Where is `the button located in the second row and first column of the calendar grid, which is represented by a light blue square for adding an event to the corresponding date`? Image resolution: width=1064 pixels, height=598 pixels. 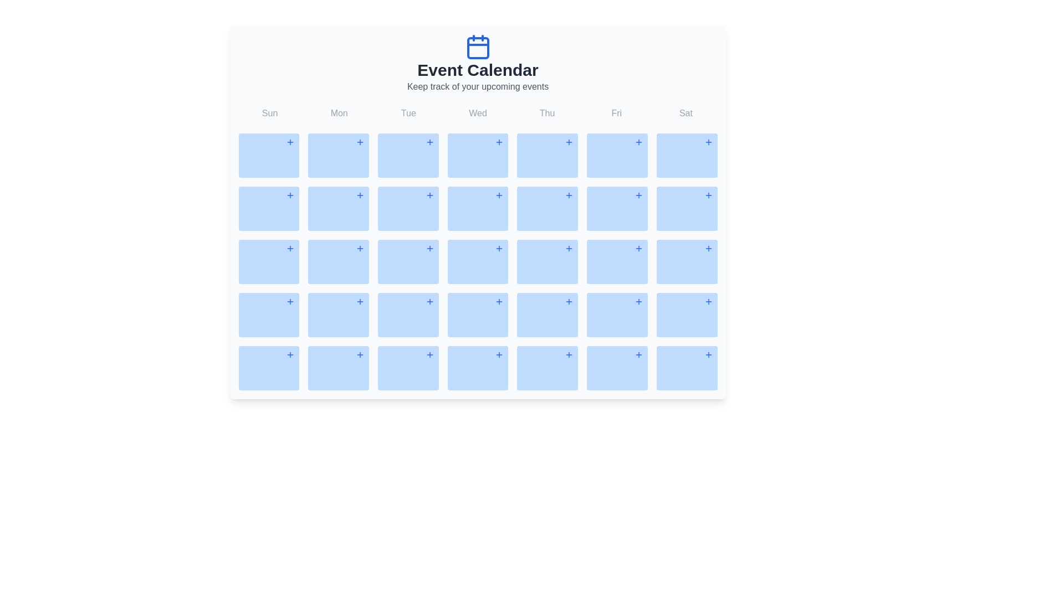
the button located in the second row and first column of the calendar grid, which is represented by a light blue square for adding an event to the corresponding date is located at coordinates (290, 195).